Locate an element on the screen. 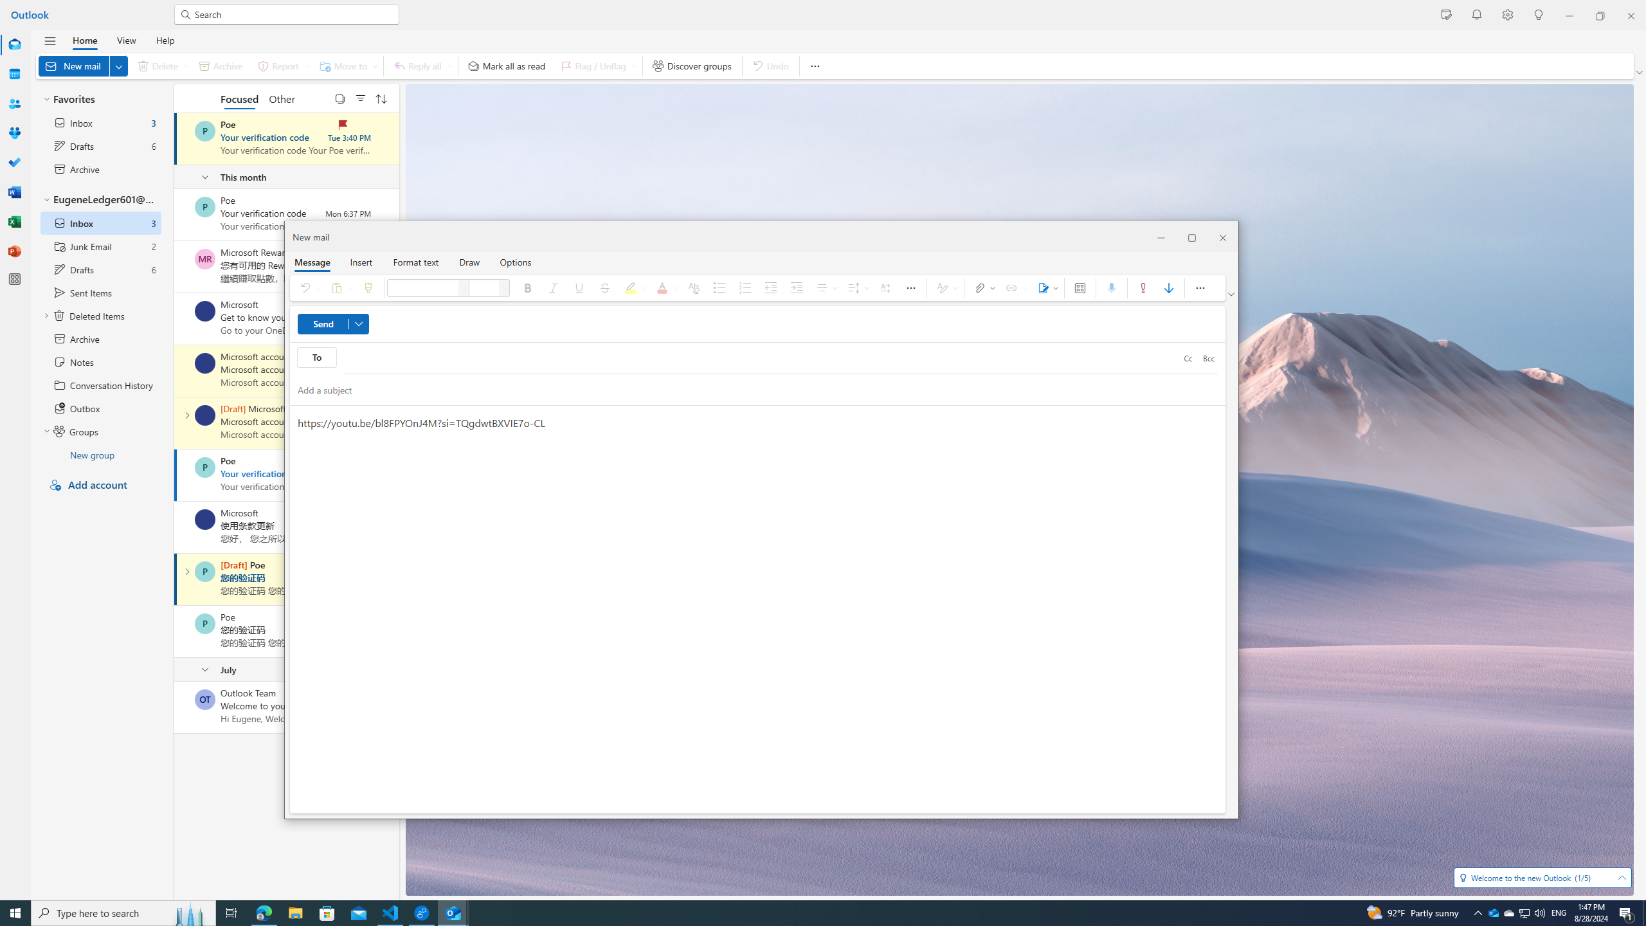 This screenshot has width=1646, height=926. 'Increase indent' is located at coordinates (797, 287).